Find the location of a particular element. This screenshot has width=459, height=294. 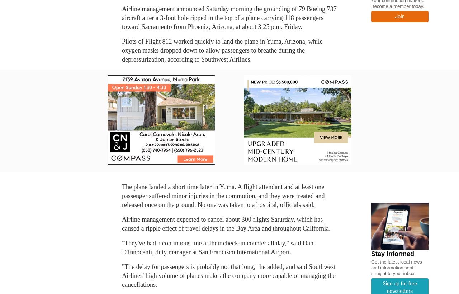

'Join' is located at coordinates (394, 15).